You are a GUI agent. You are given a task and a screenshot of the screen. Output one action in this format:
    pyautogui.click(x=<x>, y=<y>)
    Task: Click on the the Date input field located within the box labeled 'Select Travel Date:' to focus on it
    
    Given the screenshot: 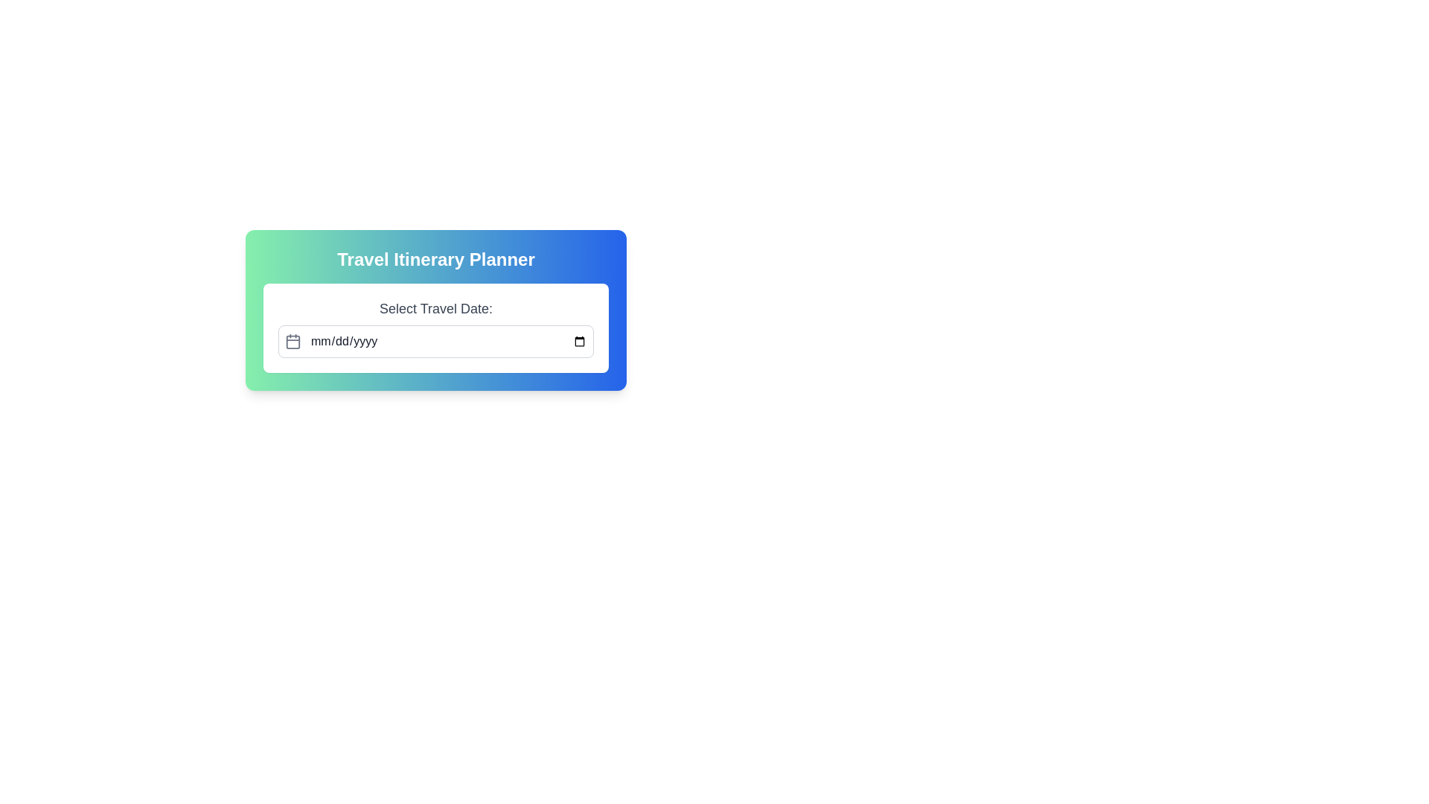 What is the action you would take?
    pyautogui.click(x=435, y=342)
    